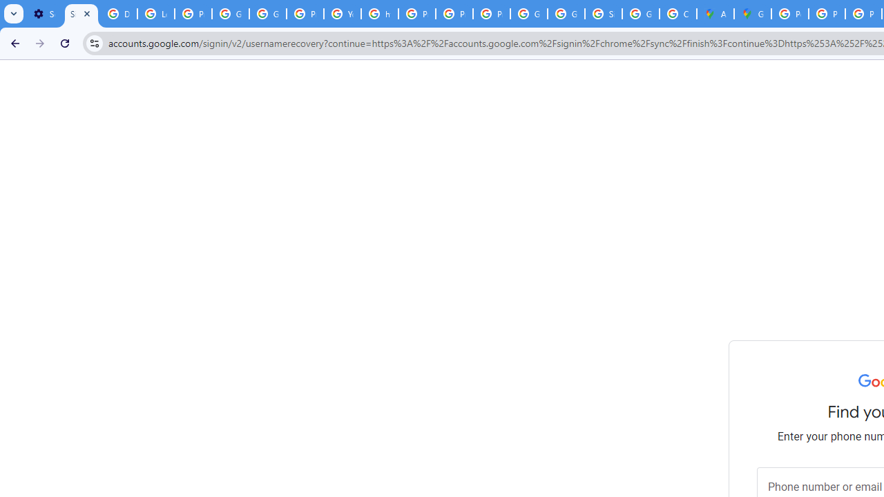  What do you see at coordinates (44, 14) in the screenshot?
I see `'Settings - On startup'` at bounding box center [44, 14].